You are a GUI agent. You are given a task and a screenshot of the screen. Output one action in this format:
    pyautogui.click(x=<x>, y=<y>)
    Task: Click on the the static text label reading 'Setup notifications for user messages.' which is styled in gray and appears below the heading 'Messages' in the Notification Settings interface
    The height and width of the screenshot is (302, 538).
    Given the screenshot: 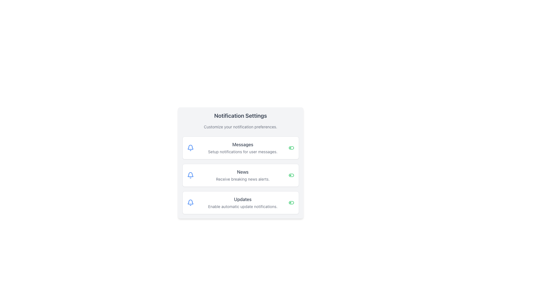 What is the action you would take?
    pyautogui.click(x=243, y=152)
    